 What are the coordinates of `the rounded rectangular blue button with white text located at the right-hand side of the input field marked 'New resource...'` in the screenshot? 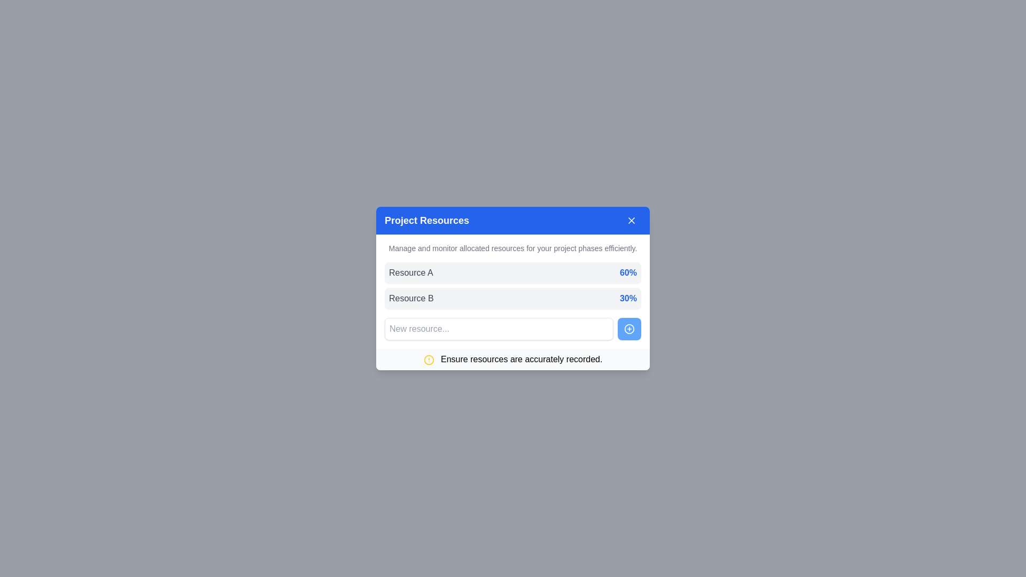 It's located at (629, 329).